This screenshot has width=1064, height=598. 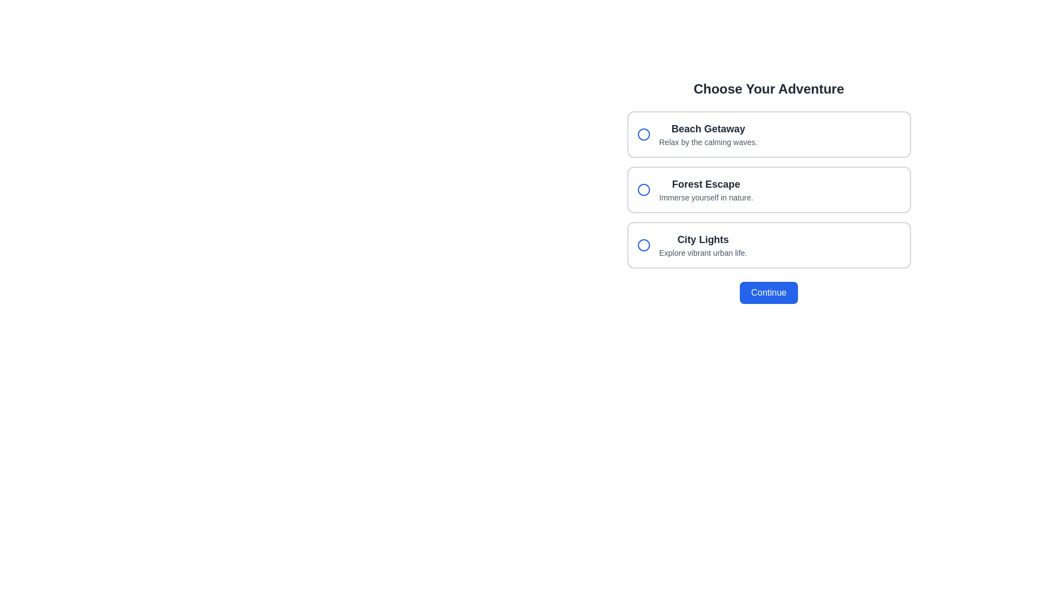 I want to click on the text label that says 'Immerse yourself in nature.' which is styled in gray and located below the primary header 'Forest Escape' in the second option card of the 'Choose Your Adventure' selection interface, so click(x=705, y=197).